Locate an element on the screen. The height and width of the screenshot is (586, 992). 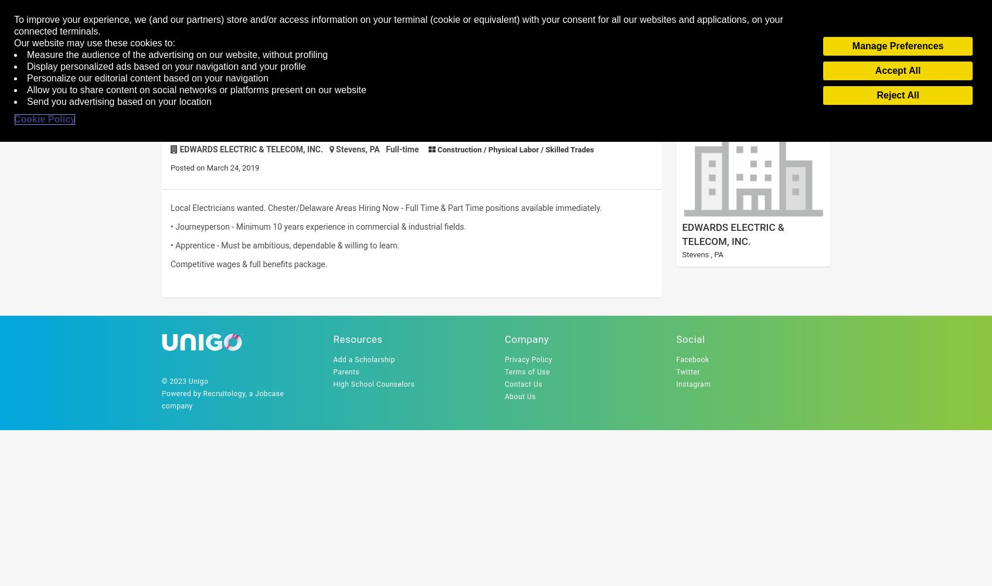
'Instagram' is located at coordinates (675, 384).